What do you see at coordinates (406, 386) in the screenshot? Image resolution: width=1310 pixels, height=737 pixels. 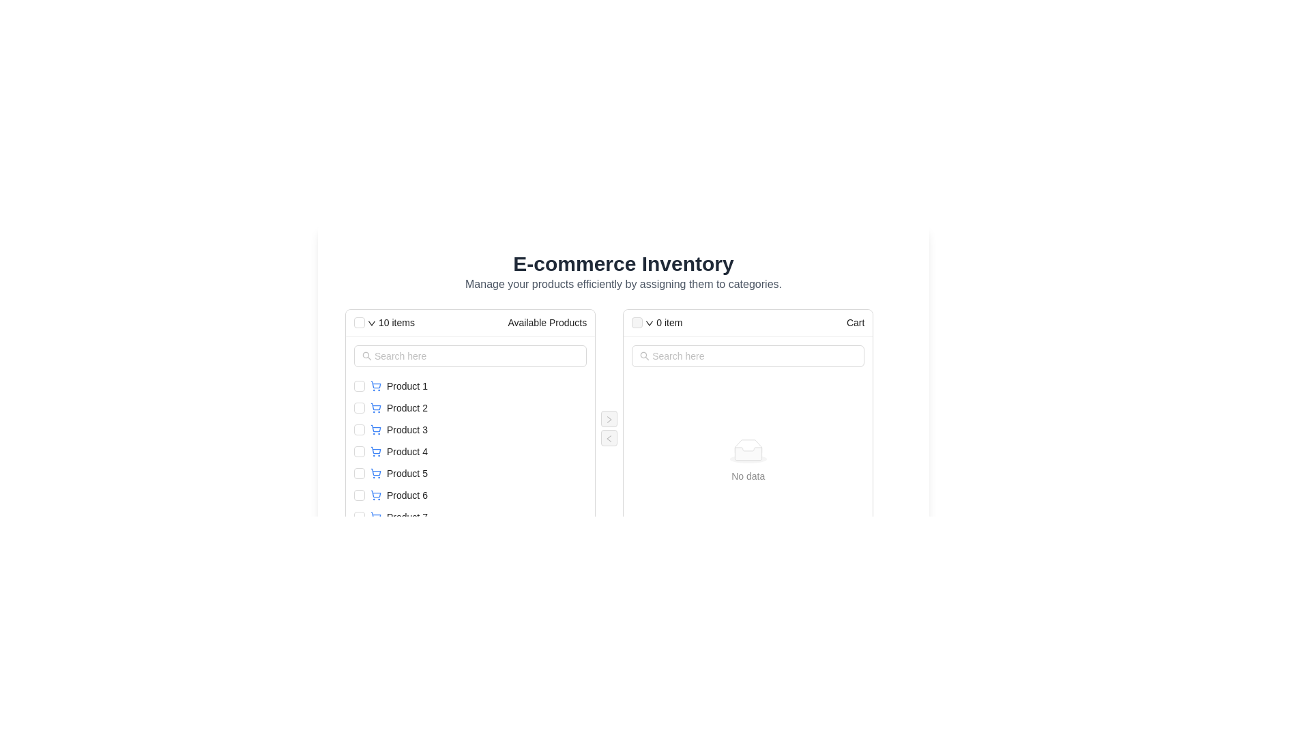 I see `the text label displaying 'Product 1' to focus on the product name, which is located to the right of a shopping cart icon in the 'Available Products' column` at bounding box center [406, 386].